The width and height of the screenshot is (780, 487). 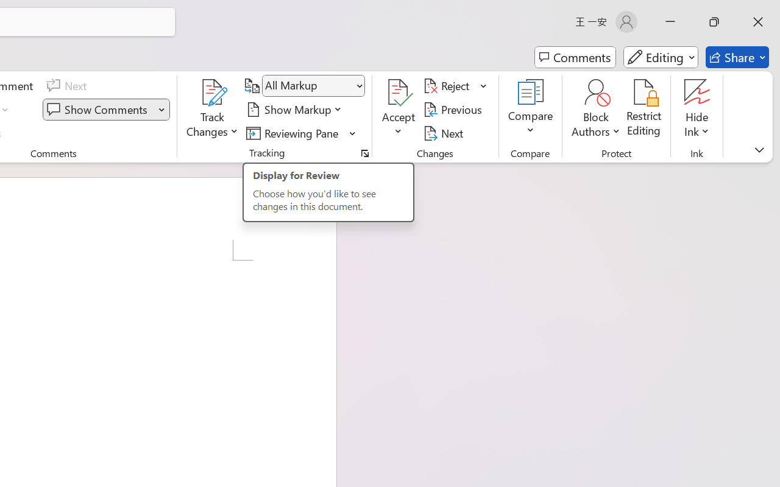 I want to click on 'Block Authors', so click(x=595, y=92).